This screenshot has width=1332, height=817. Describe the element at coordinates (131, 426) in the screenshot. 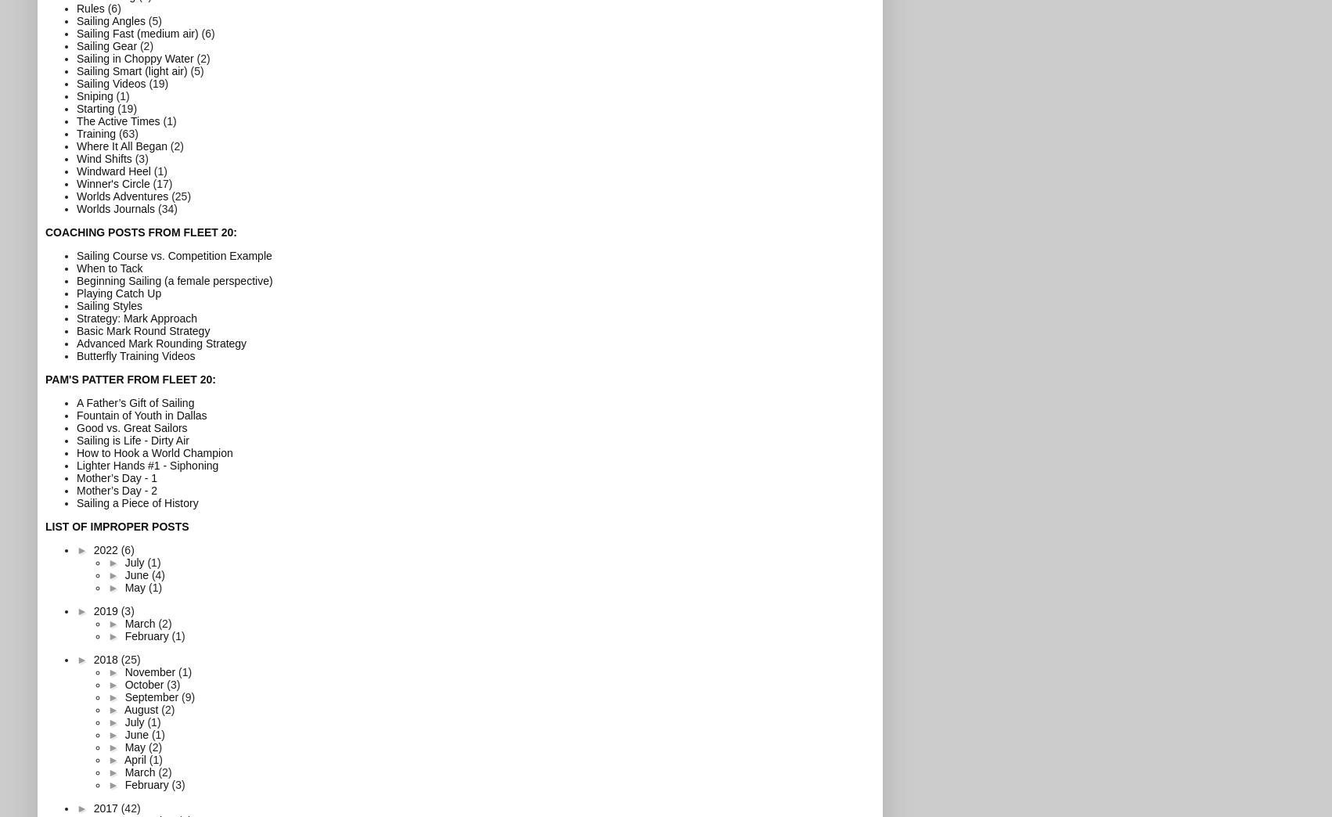

I see `'Good vs. Great Sailors'` at that location.